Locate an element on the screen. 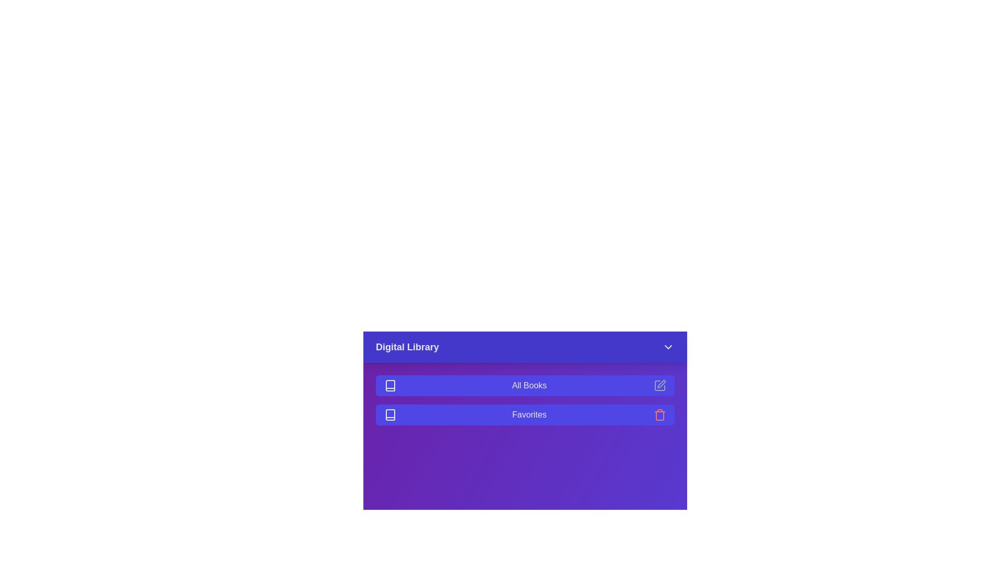  the header of the Digital Library menu to toggle its visibility is located at coordinates (525, 347).